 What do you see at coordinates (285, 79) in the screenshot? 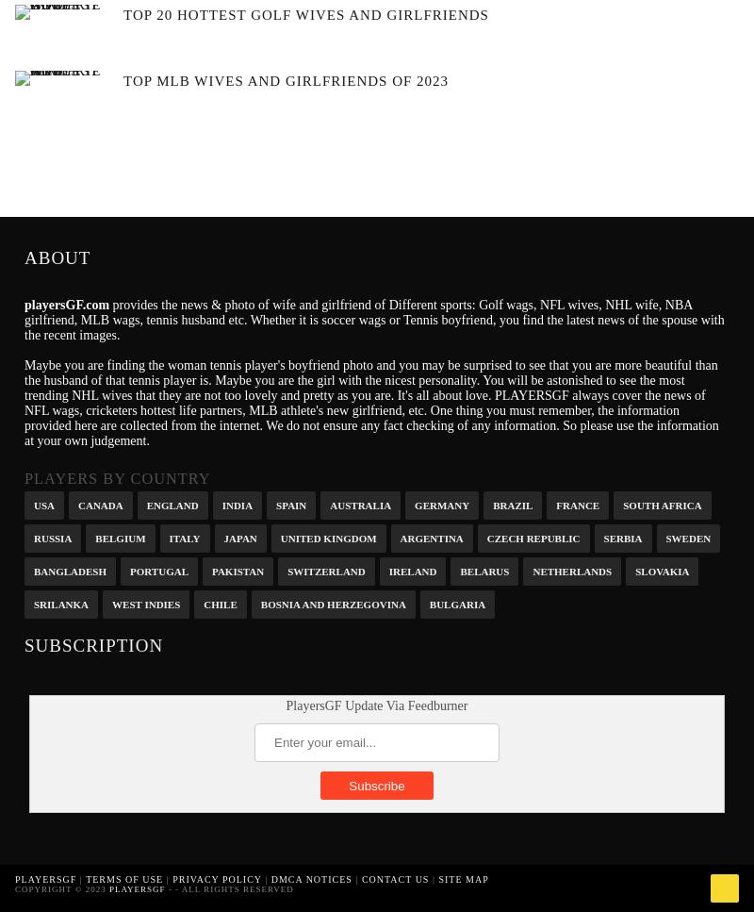
I see `'Top MLB Wives and Girlfriends of 2023'` at bounding box center [285, 79].